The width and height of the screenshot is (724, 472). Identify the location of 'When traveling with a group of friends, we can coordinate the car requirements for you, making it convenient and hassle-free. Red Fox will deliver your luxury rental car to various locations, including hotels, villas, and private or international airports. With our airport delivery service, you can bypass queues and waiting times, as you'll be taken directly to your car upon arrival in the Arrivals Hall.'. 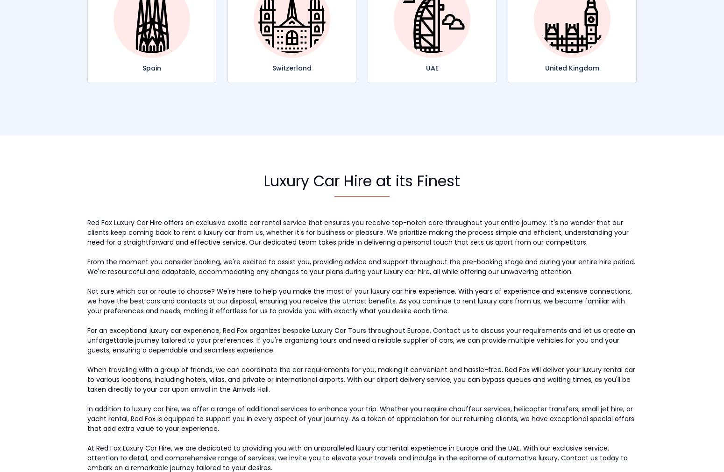
(361, 379).